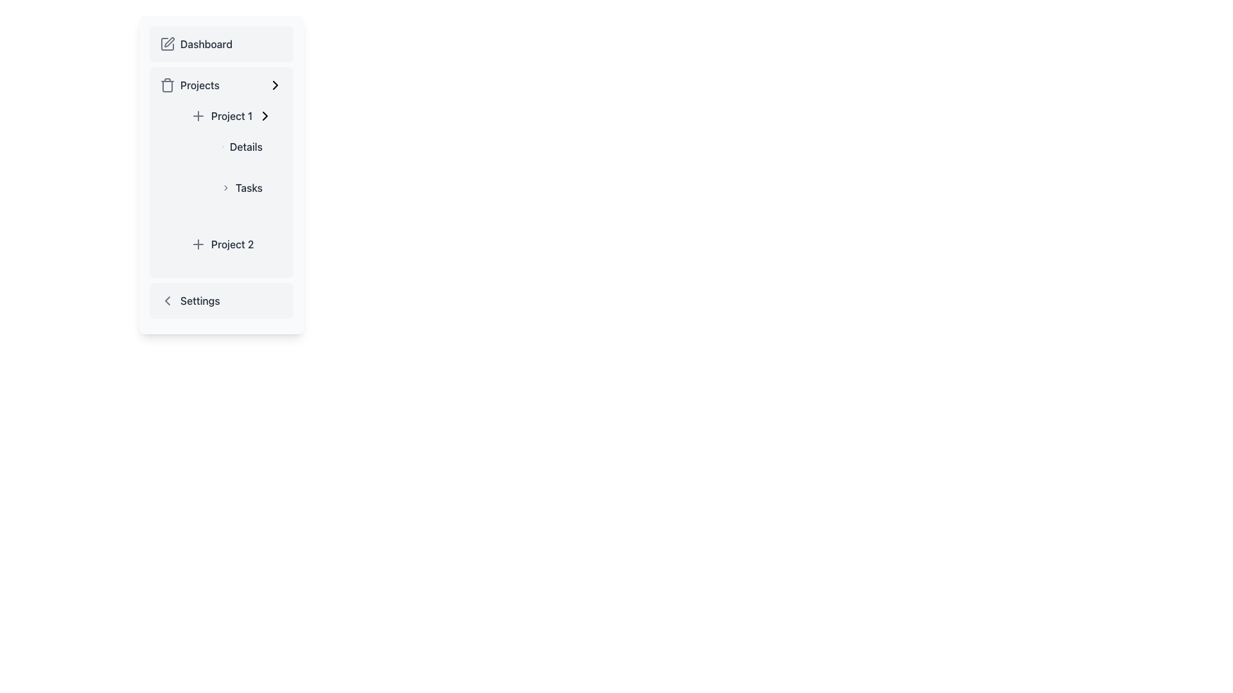 The width and height of the screenshot is (1233, 693). I want to click on the trash can icon used for deletion, located to the left of the 'Projects' text in the vertical navigation panel, so click(166, 85).